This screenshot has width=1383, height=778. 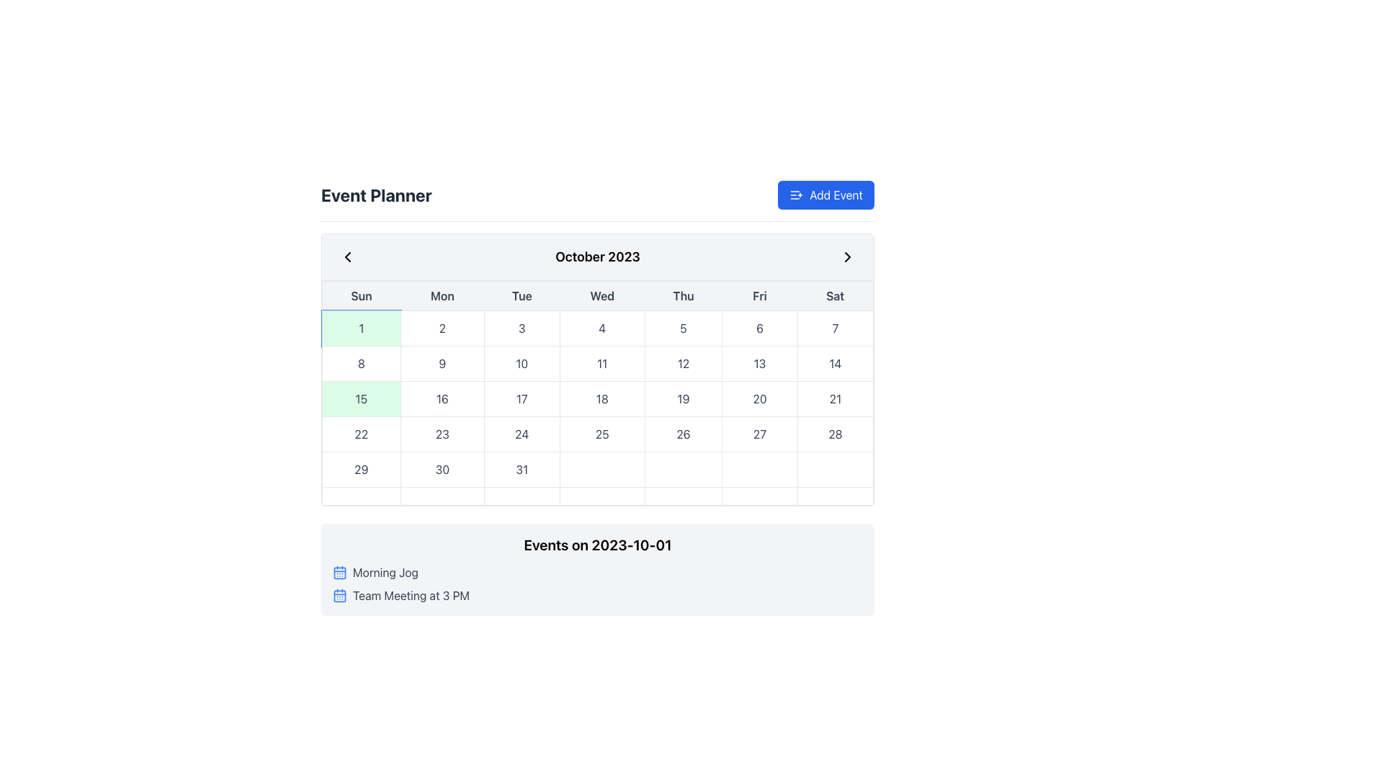 I want to click on the Calendar header text, so click(x=598, y=256).